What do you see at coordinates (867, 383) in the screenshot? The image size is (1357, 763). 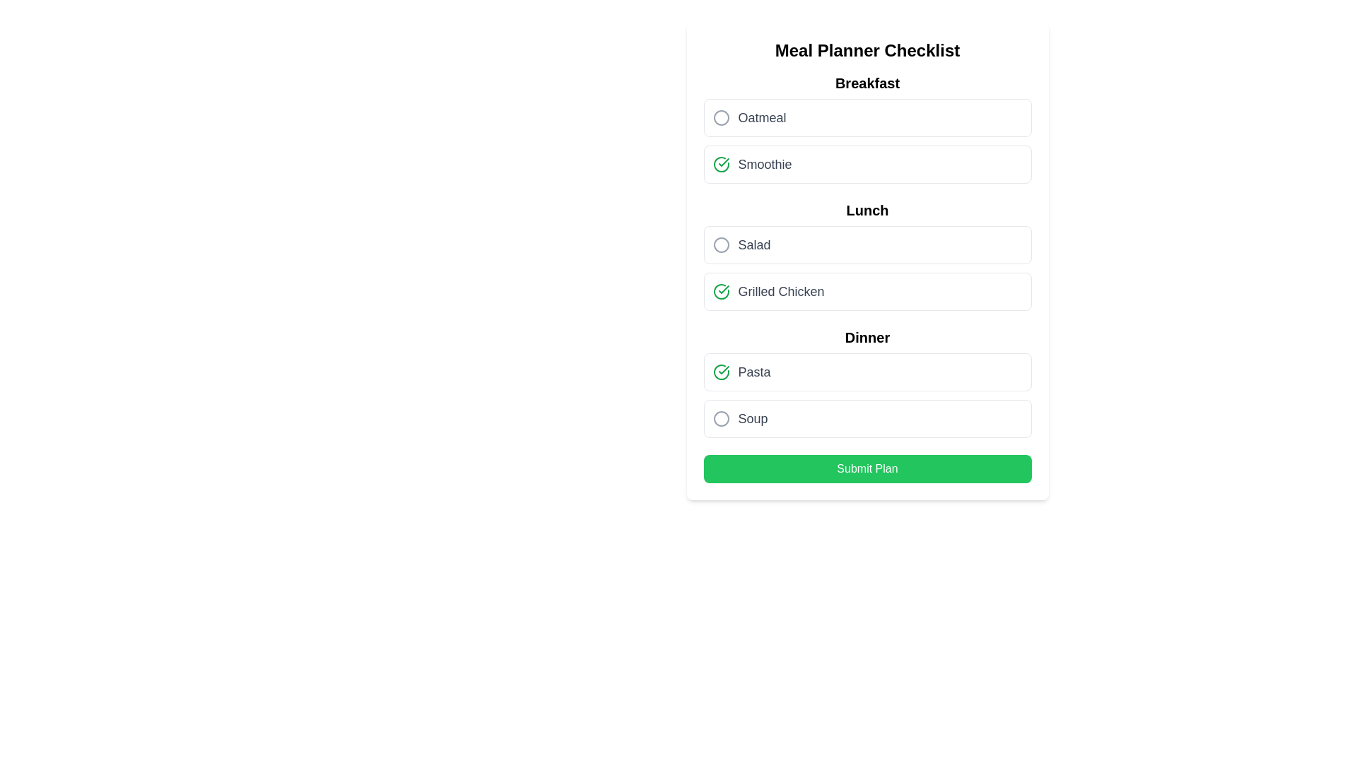 I see `the List group with selectable items located` at bounding box center [867, 383].